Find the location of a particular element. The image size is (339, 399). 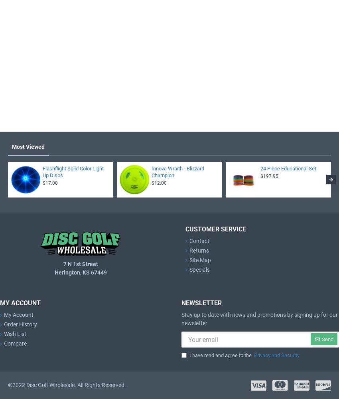

'Returns' is located at coordinates (199, 250).